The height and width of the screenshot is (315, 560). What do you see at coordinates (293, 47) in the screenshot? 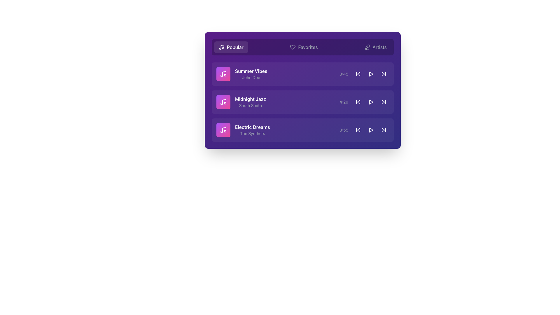
I see `the 'Favorites' icon located in the top navigation bar between 'Popular' and 'Artists' sections` at bounding box center [293, 47].